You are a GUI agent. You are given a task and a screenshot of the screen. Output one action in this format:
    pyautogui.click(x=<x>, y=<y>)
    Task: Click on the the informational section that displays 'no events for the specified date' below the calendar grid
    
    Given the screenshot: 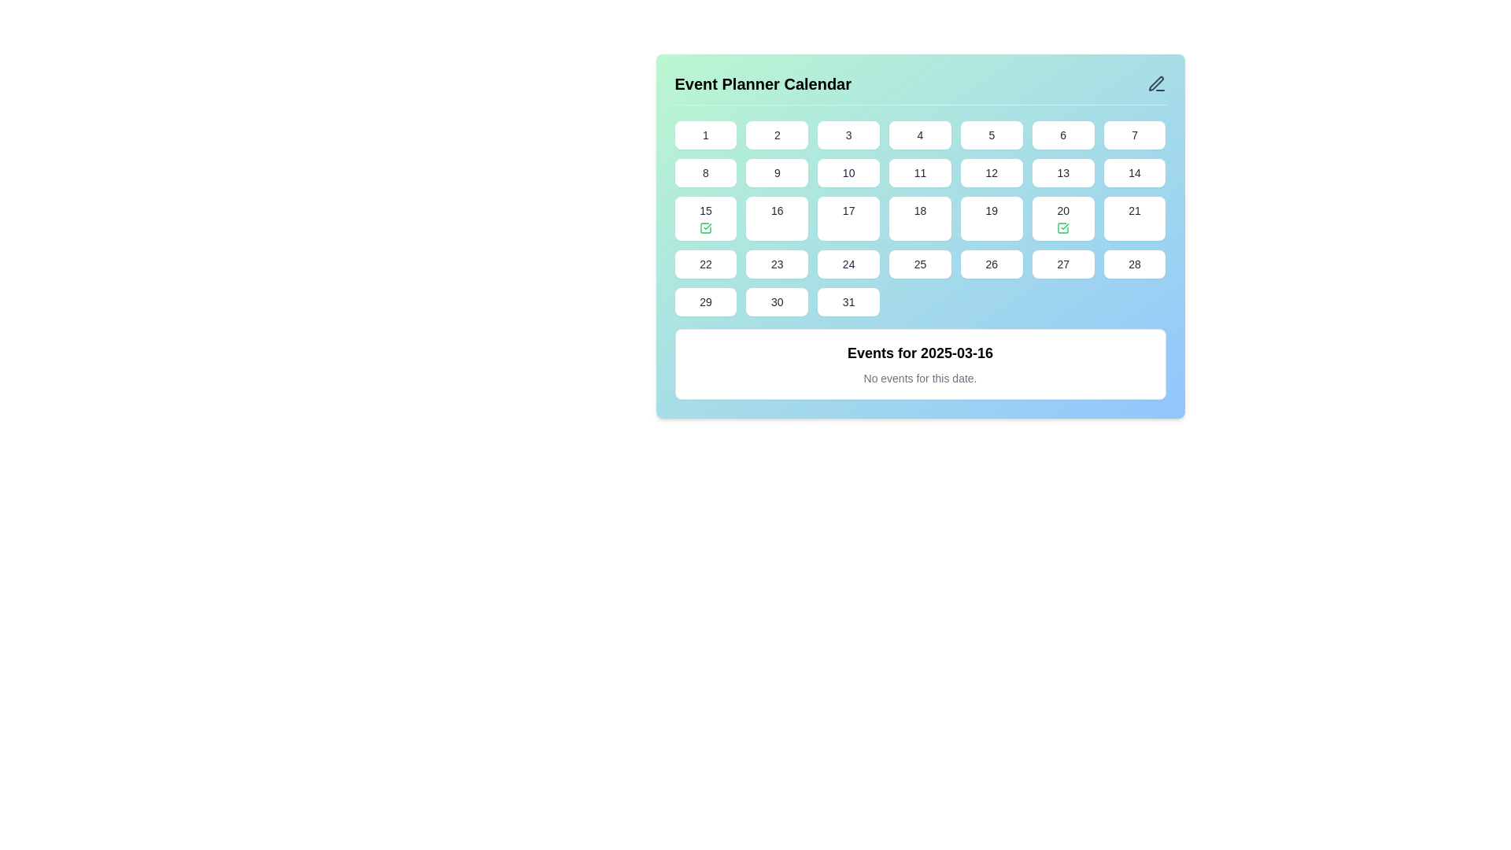 What is the action you would take?
    pyautogui.click(x=920, y=364)
    